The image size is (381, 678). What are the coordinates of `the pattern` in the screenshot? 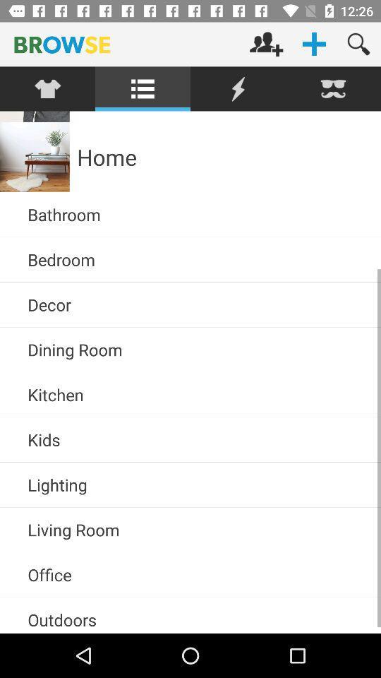 It's located at (47, 88).